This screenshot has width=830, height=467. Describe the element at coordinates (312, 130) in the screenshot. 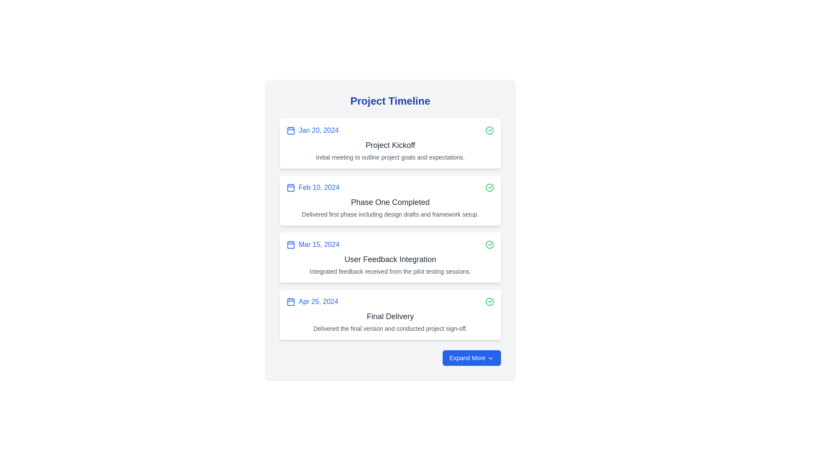

I see `the blue text label displaying the date 'Jan 20, 2024' next to the small calendar icon in the 'Project Timeline' section, located at the top left of the first card` at that location.